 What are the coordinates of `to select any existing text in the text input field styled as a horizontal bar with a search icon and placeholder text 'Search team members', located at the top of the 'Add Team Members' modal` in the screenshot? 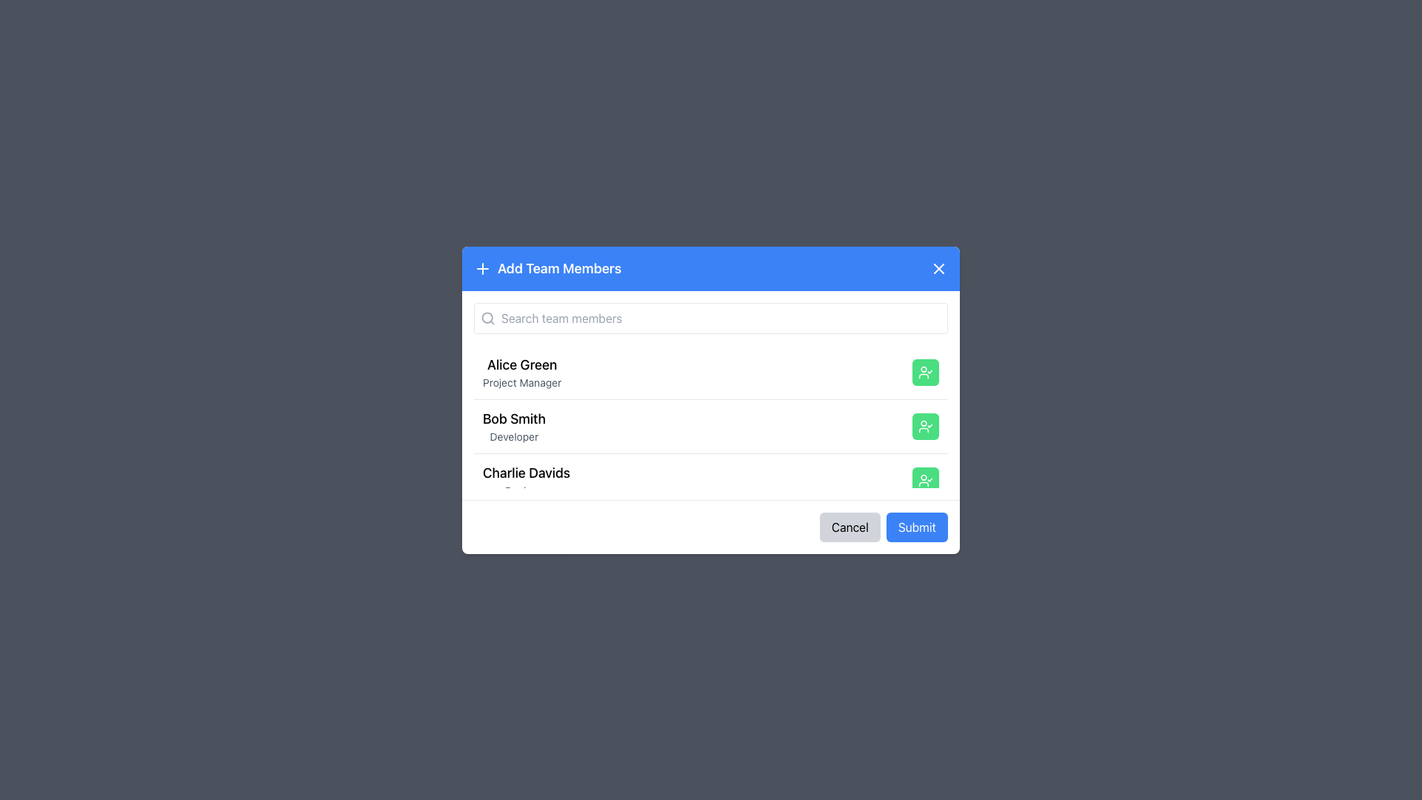 It's located at (711, 317).